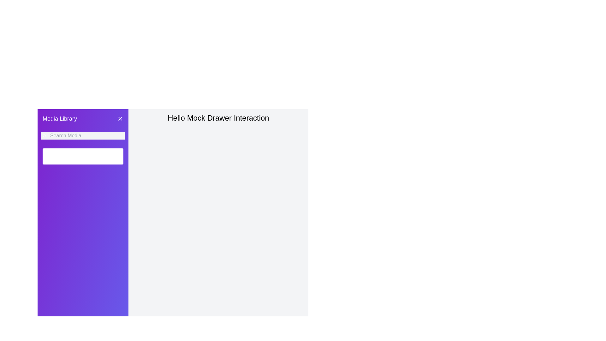  I want to click on text of the heading 'Media Library', which is located in the top-left corner of the side panel with a purple background, above the search bar and left of the close button, so click(60, 118).